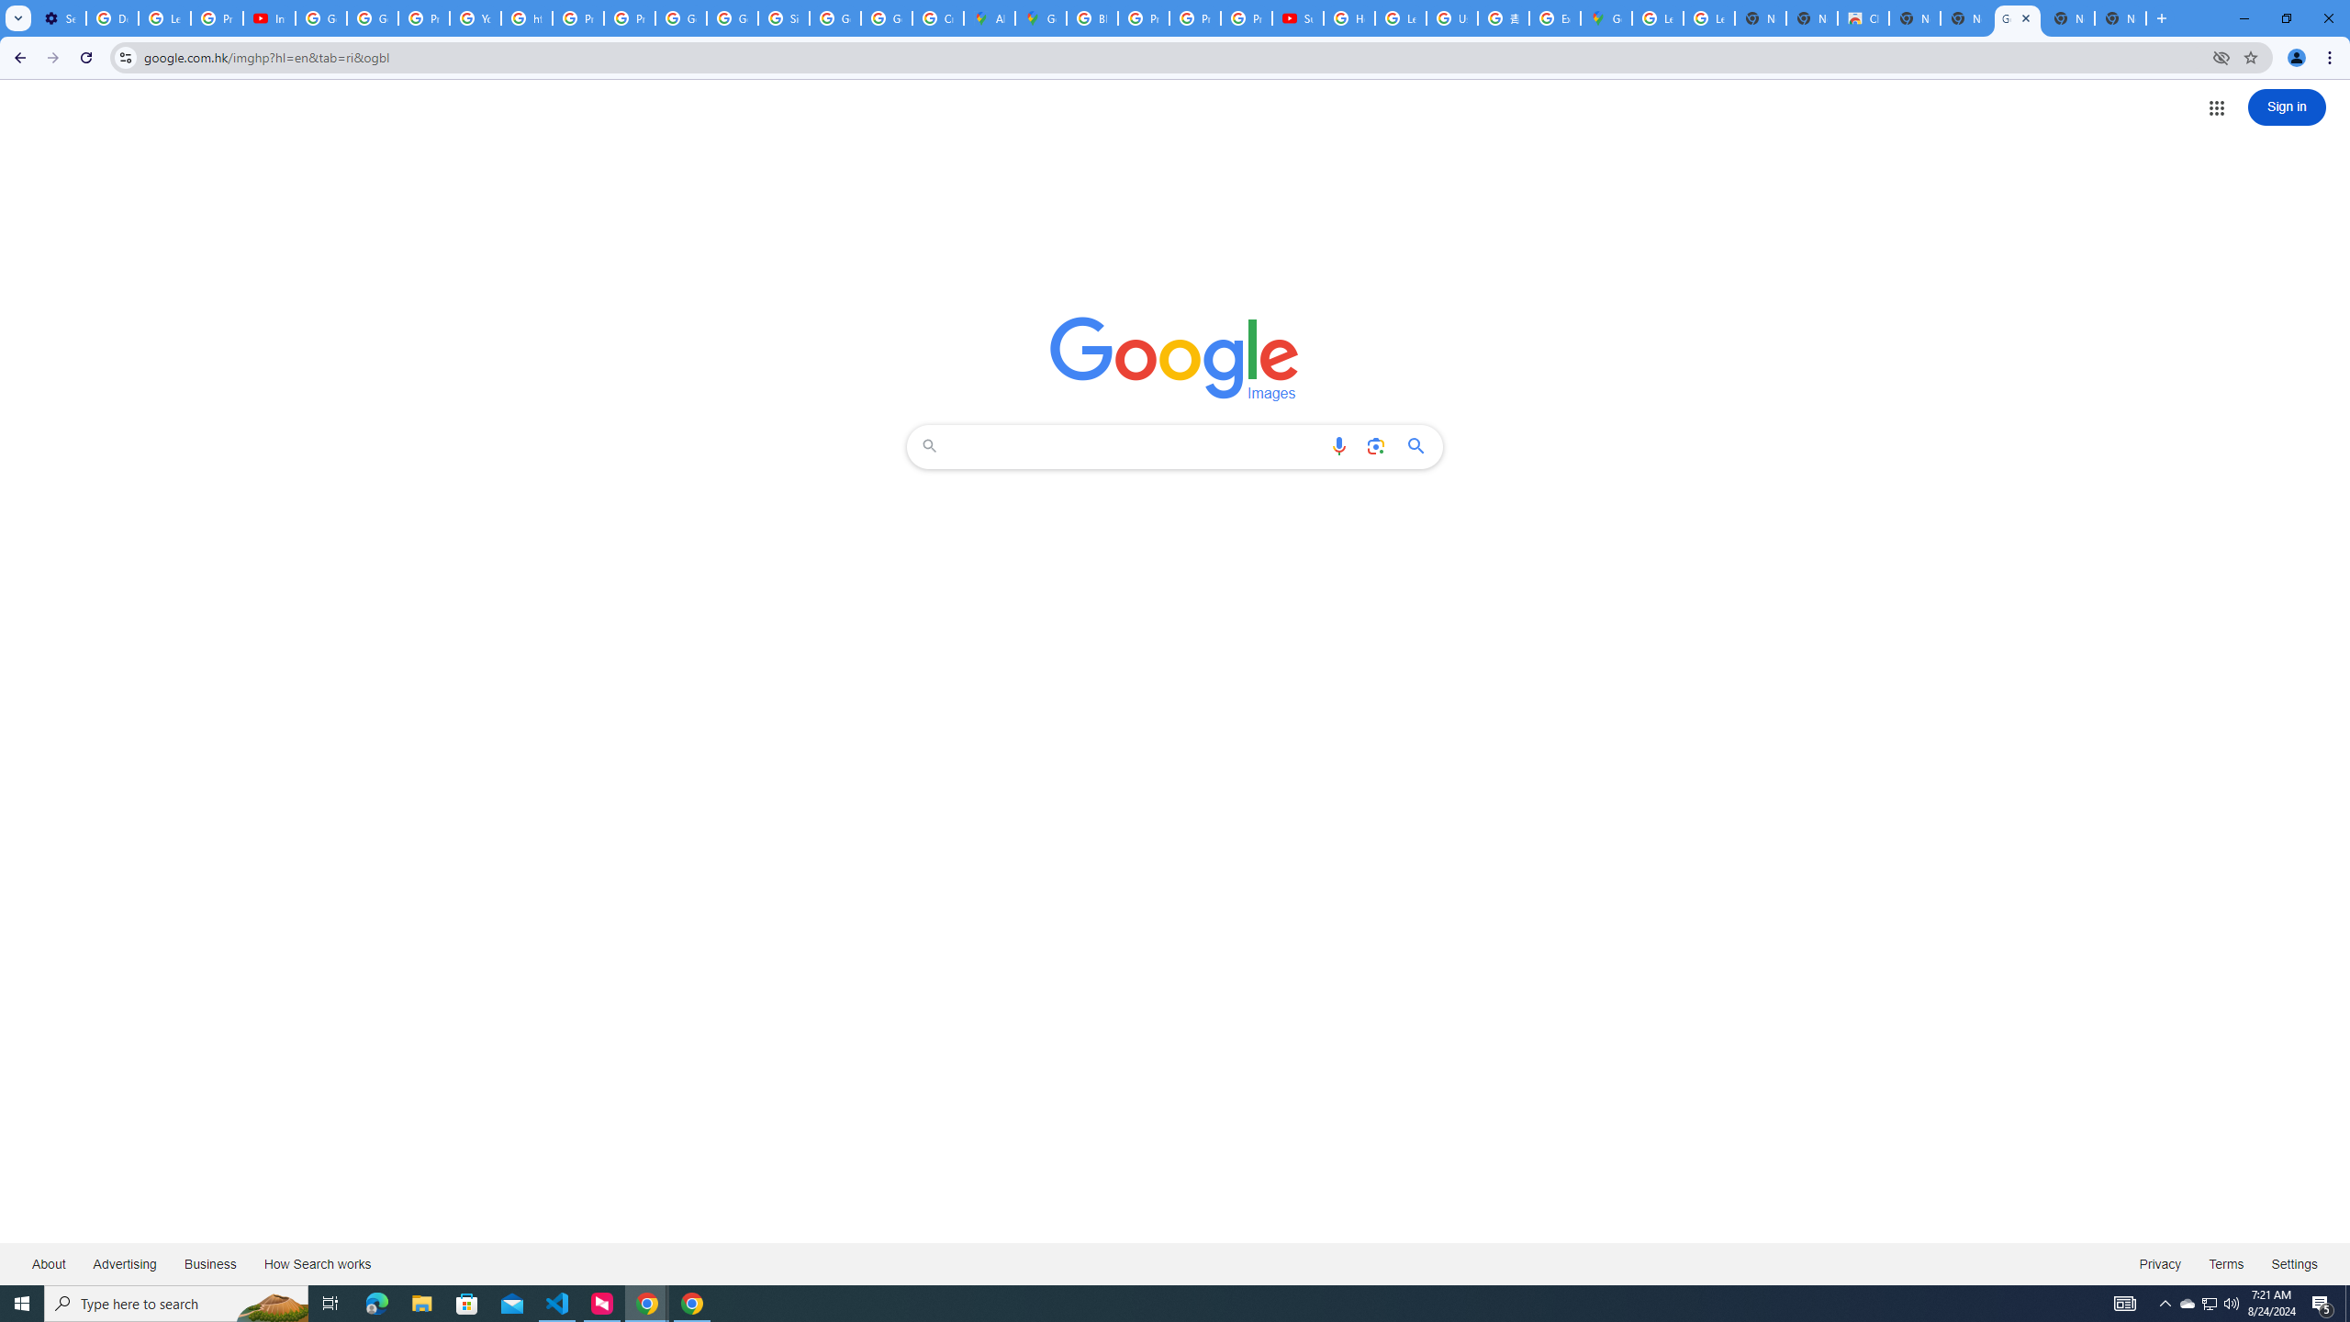 This screenshot has height=1322, width=2350. Describe the element at coordinates (1605, 17) in the screenshot. I see `'Google Maps'` at that location.